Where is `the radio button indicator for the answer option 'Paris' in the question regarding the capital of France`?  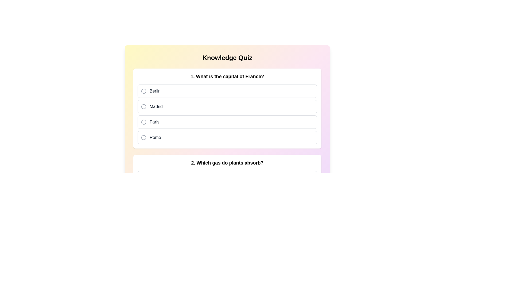
the radio button indicator for the answer option 'Paris' in the question regarding the capital of France is located at coordinates (143, 122).